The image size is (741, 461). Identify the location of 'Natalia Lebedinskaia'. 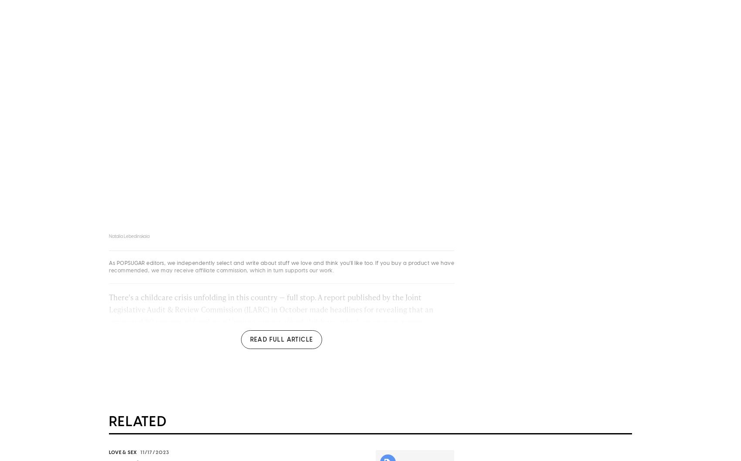
(109, 238).